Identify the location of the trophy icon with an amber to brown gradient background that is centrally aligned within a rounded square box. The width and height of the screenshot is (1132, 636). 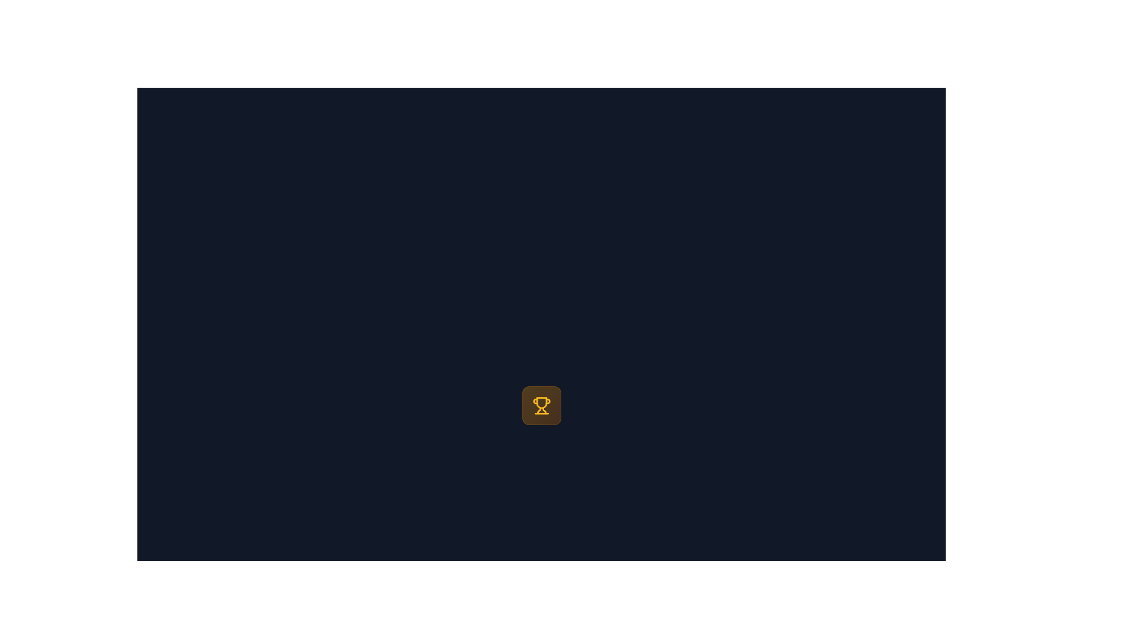
(541, 405).